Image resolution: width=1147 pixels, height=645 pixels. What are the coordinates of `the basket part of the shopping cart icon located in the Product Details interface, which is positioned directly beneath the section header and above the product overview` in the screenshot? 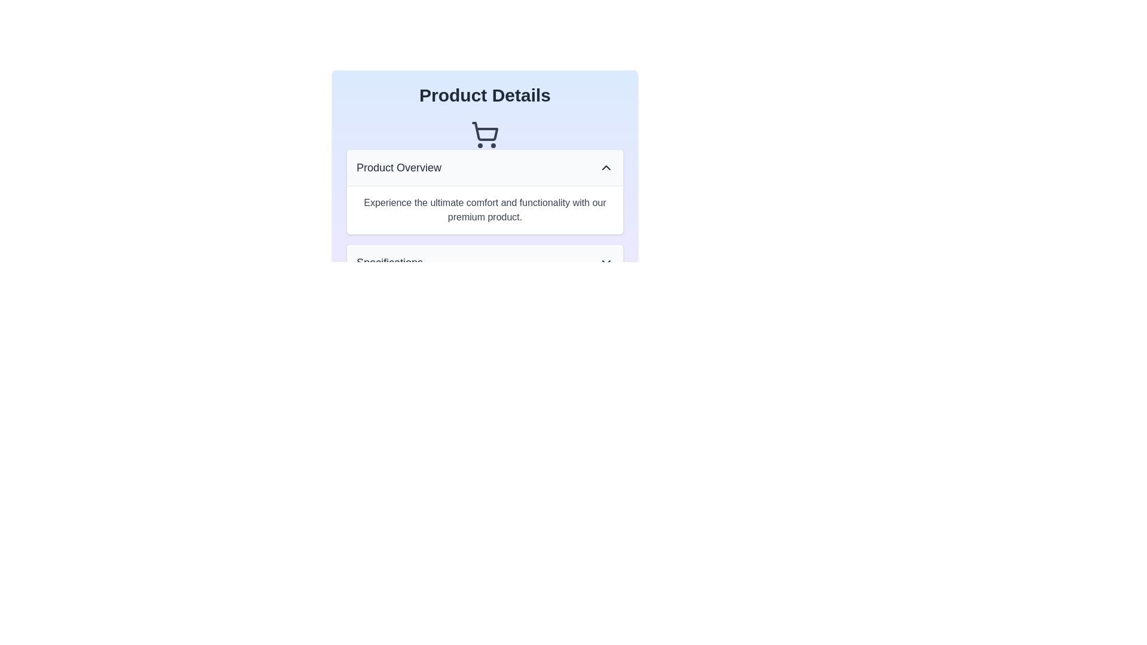 It's located at (485, 131).